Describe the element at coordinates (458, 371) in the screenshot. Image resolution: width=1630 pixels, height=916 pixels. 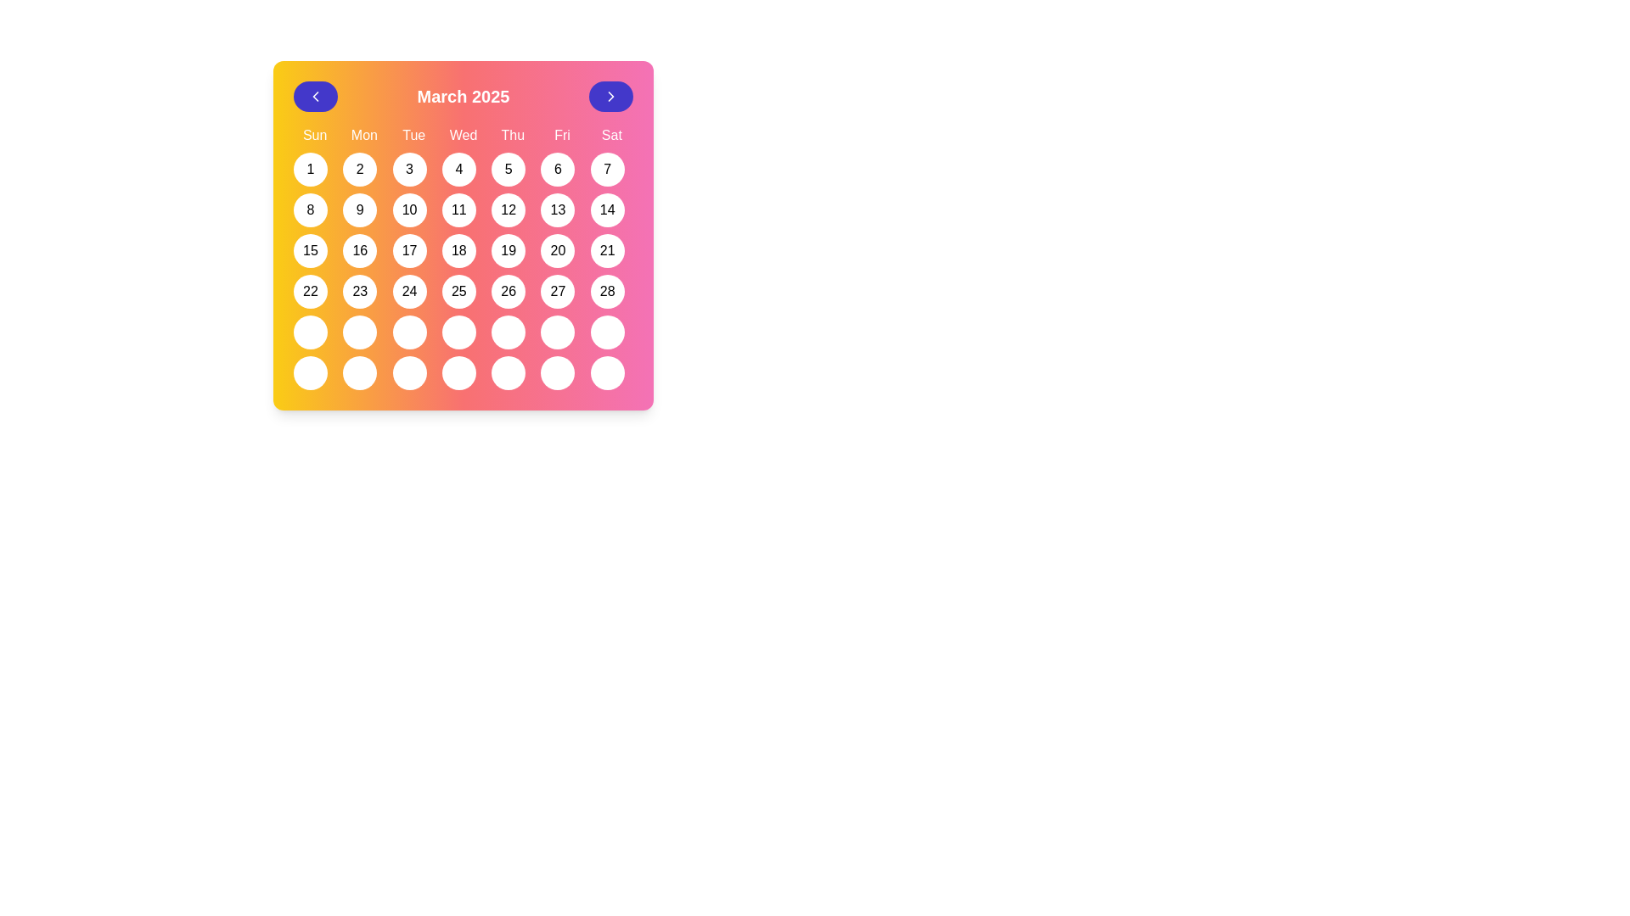
I see `the circular button with a white background located in the bottom-most row of the calendar grid, fourth from the left` at that location.